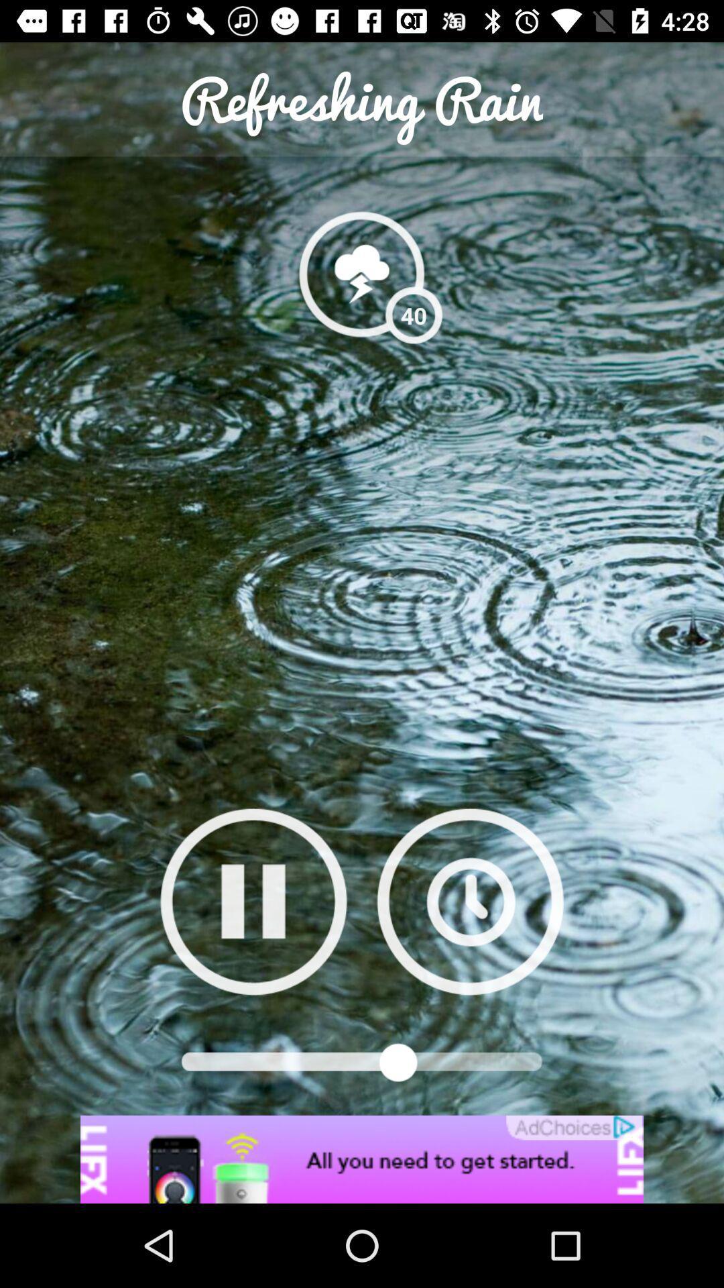 Image resolution: width=724 pixels, height=1288 pixels. What do you see at coordinates (362, 1159) in the screenshot?
I see `the advertisement` at bounding box center [362, 1159].